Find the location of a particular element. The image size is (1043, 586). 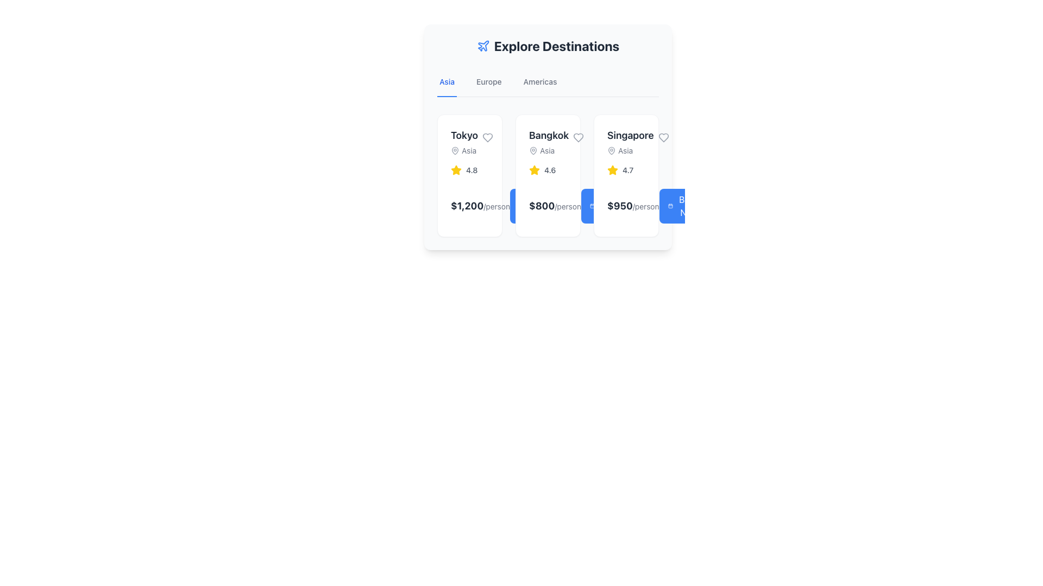

the text label displaying 'Asia' in a small gray font located within the card structure under the title 'Bangkok', positioned to the right of a map pin icon is located at coordinates (547, 150).